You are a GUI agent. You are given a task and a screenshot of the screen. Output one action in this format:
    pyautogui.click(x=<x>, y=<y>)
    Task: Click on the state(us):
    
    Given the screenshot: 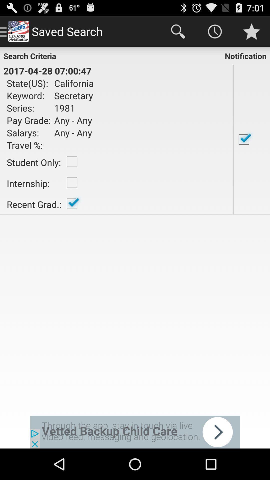 What is the action you would take?
    pyautogui.click(x=29, y=83)
    